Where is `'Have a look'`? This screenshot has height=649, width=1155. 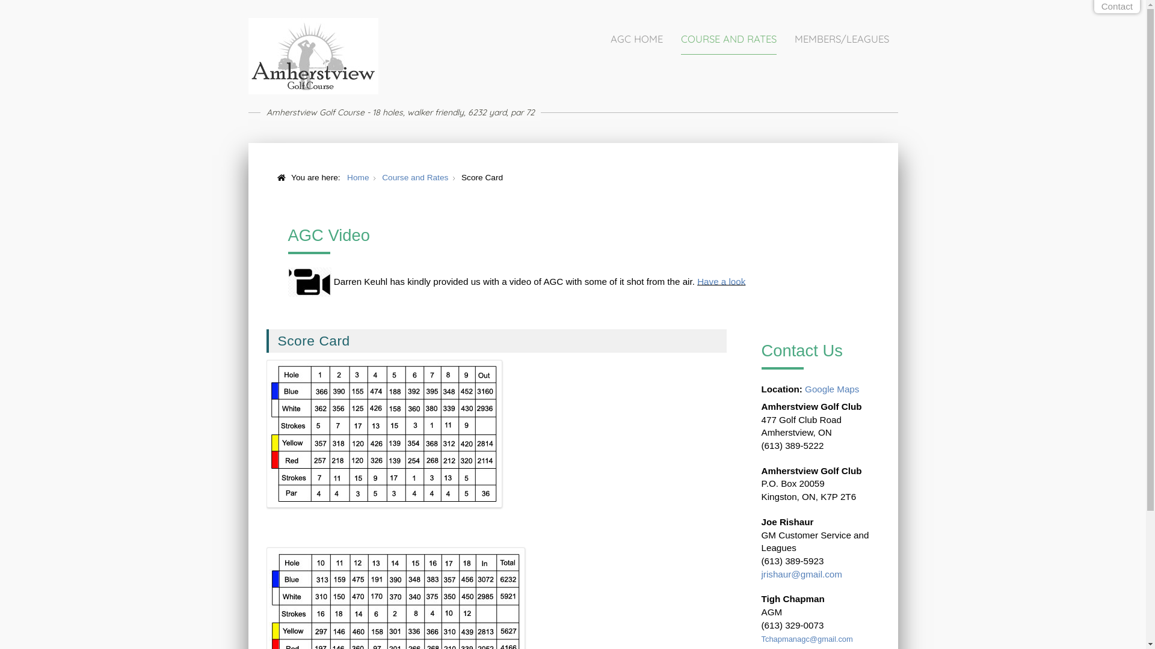 'Have a look' is located at coordinates (721, 281).